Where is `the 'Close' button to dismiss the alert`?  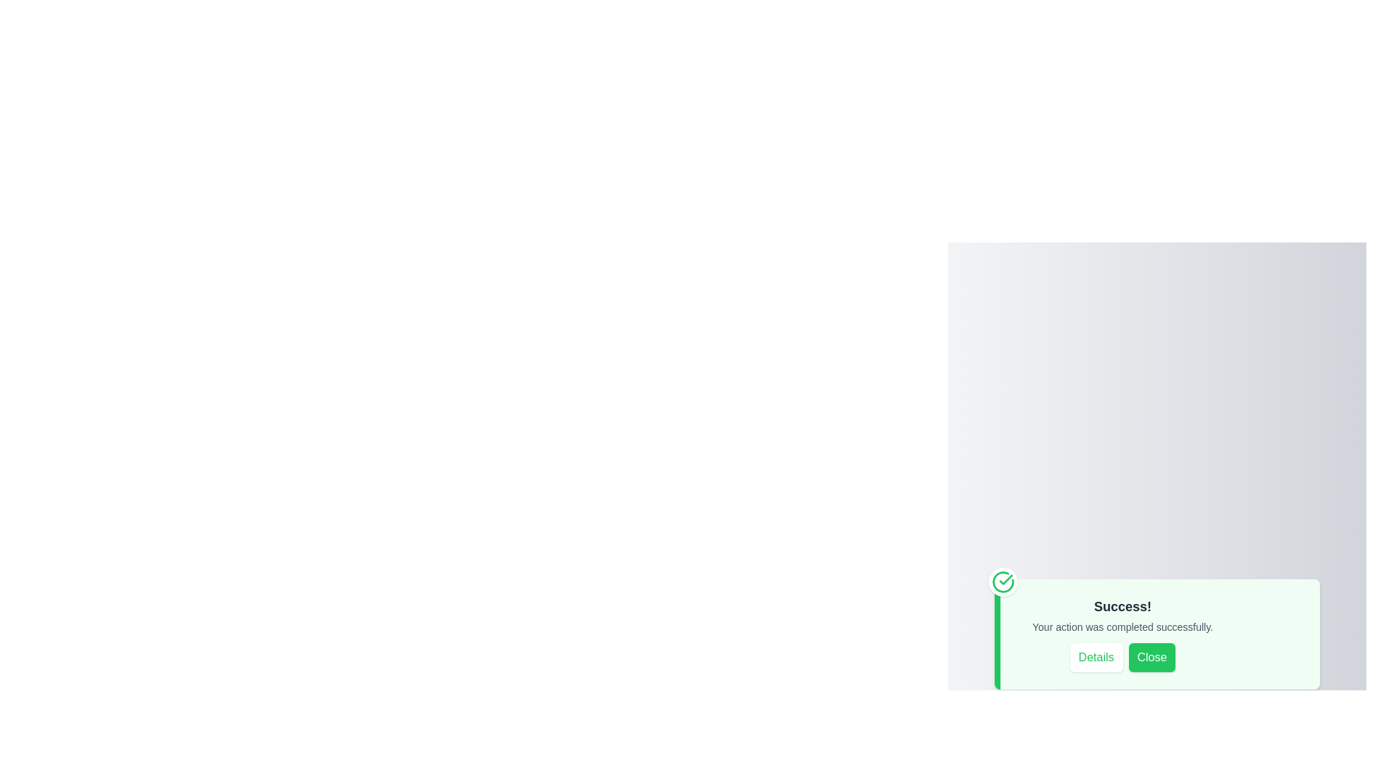 the 'Close' button to dismiss the alert is located at coordinates (1151, 658).